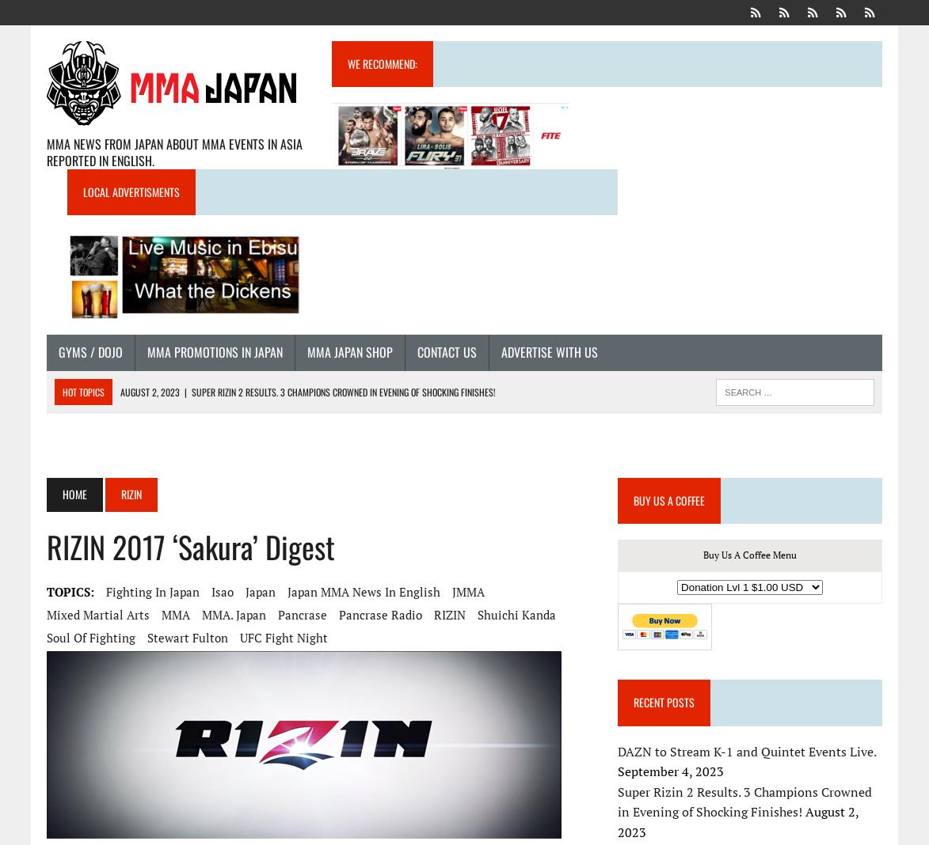  I want to click on 'UFC Fight Night', so click(282, 635).